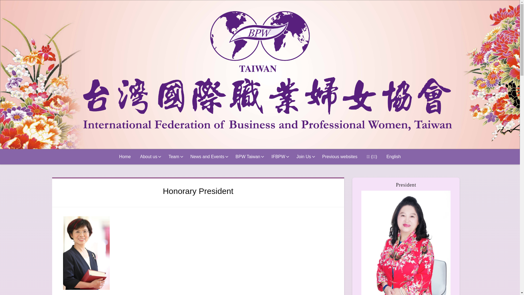  I want to click on 'About us', so click(135, 157).